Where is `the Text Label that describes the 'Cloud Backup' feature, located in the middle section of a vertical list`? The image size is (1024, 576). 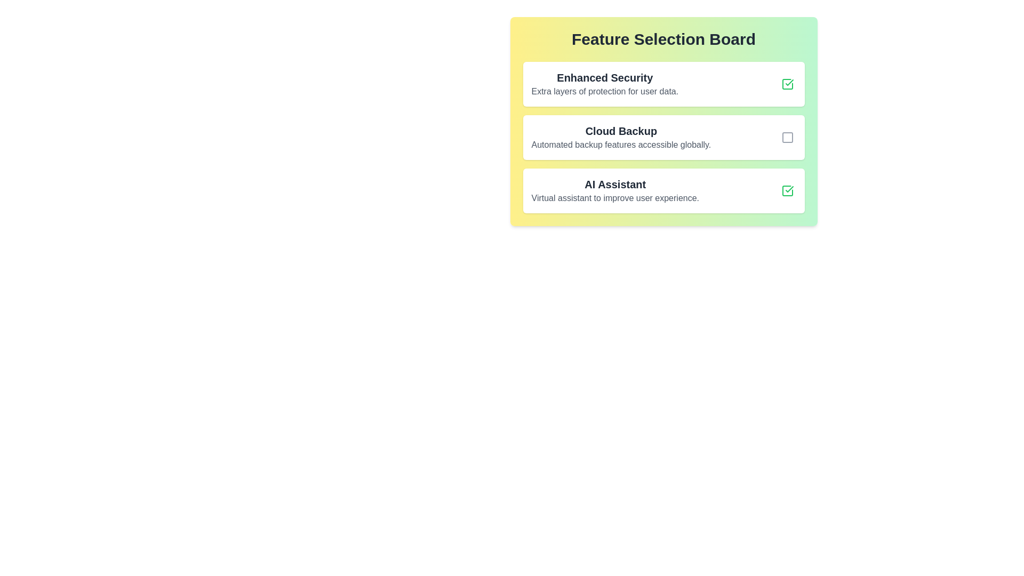
the Text Label that describes the 'Cloud Backup' feature, located in the middle section of a vertical list is located at coordinates (621, 145).